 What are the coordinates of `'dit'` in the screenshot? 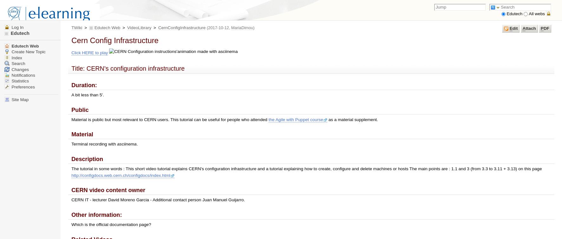 It's located at (514, 28).